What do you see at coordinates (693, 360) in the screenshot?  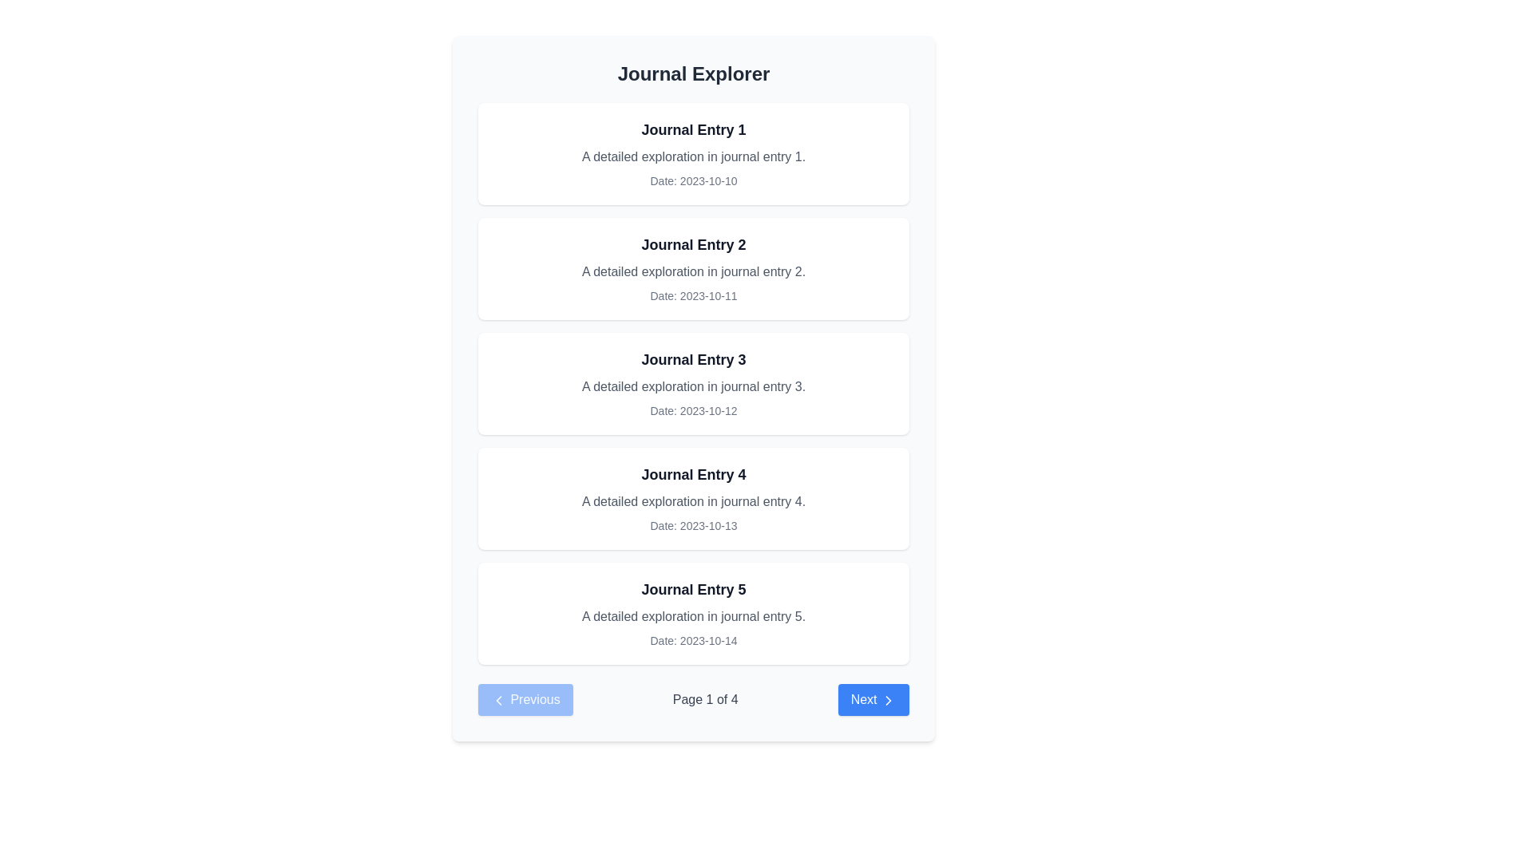 I see `text label displaying 'Journal Entry 3' which is centrally aligned within the third entry card of journal entries` at bounding box center [693, 360].